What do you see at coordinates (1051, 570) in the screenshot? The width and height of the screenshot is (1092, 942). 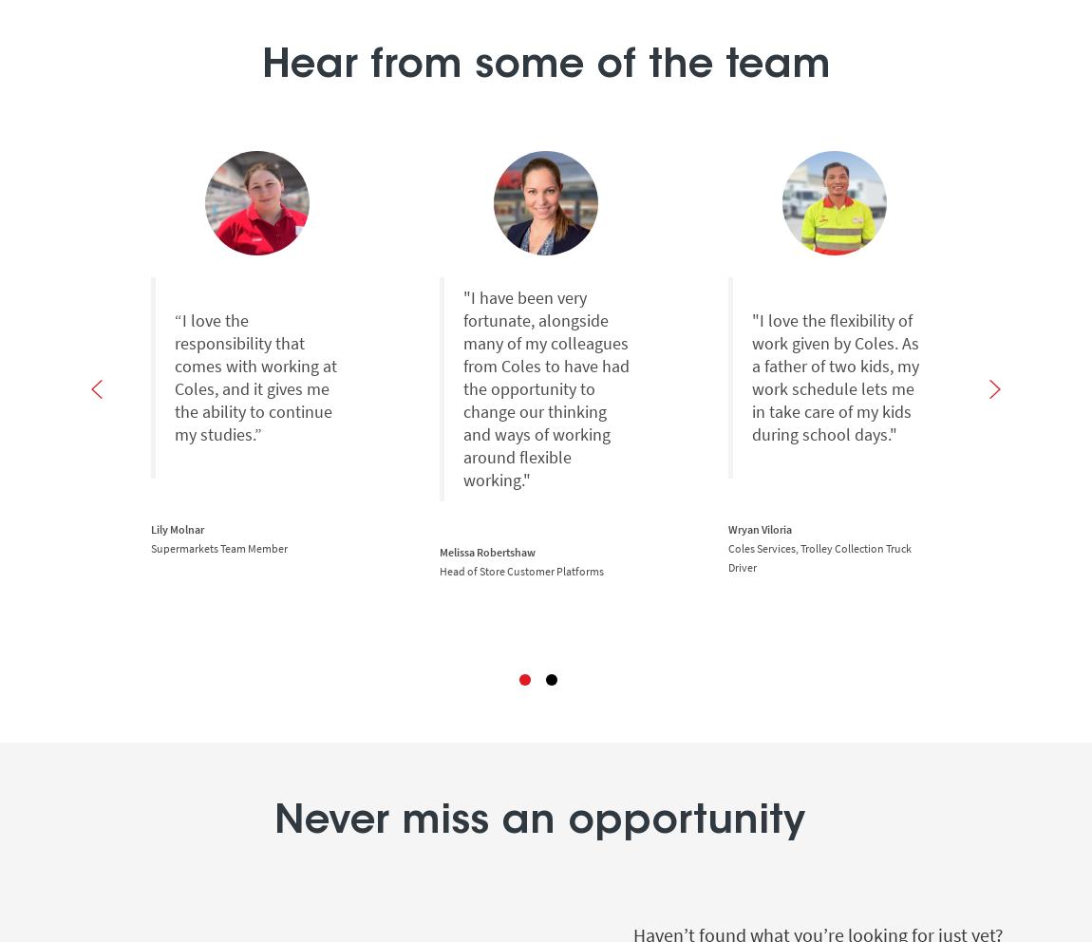 I see `'Store Manager'` at bounding box center [1051, 570].